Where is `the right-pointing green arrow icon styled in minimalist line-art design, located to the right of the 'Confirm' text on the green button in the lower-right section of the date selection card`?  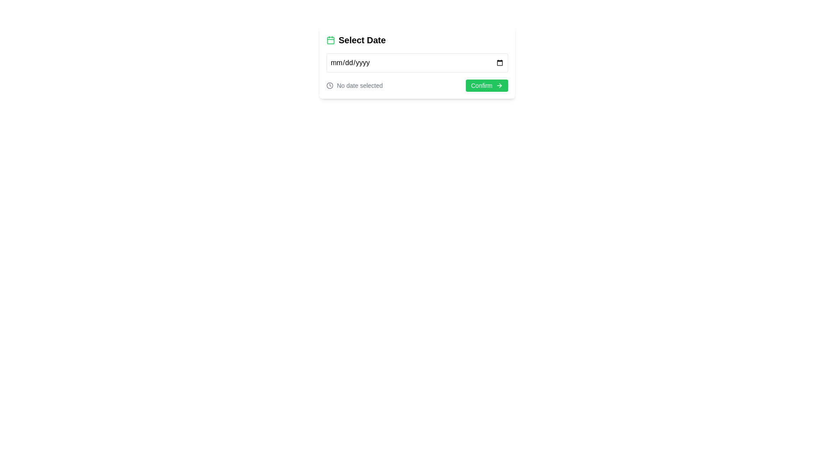
the right-pointing green arrow icon styled in minimalist line-art design, located to the right of the 'Confirm' text on the green button in the lower-right section of the date selection card is located at coordinates (499, 86).